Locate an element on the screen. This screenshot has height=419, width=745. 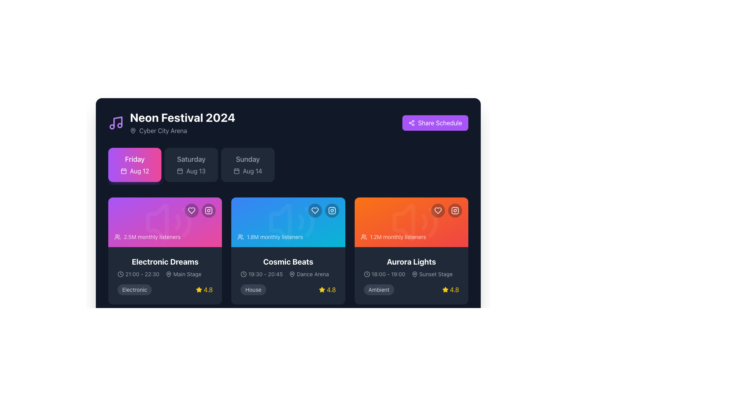
the static text displaying the scheduled time for an event or activity, located beneath the heading 'Electronic Dreams' and near a clock icon is located at coordinates (142, 274).